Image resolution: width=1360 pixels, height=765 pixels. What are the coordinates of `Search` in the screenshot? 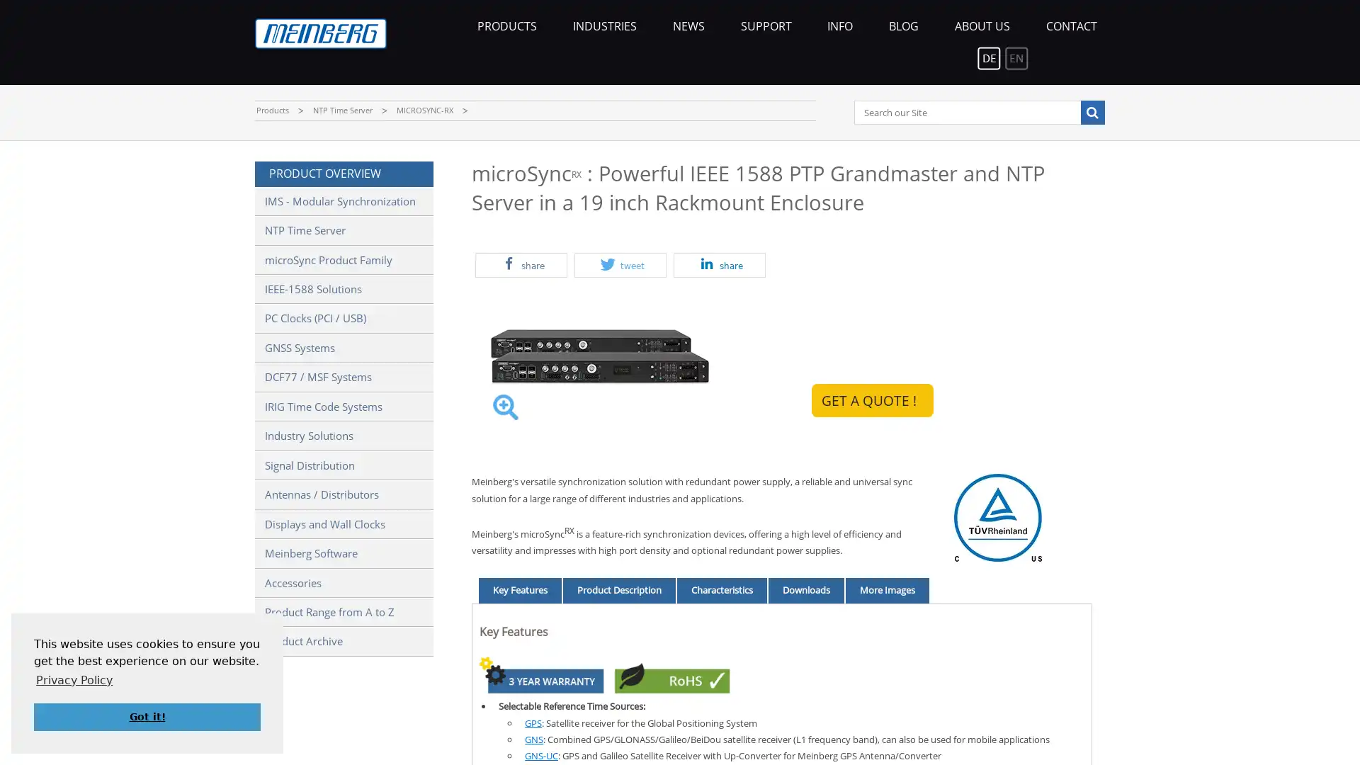 It's located at (1091, 111).